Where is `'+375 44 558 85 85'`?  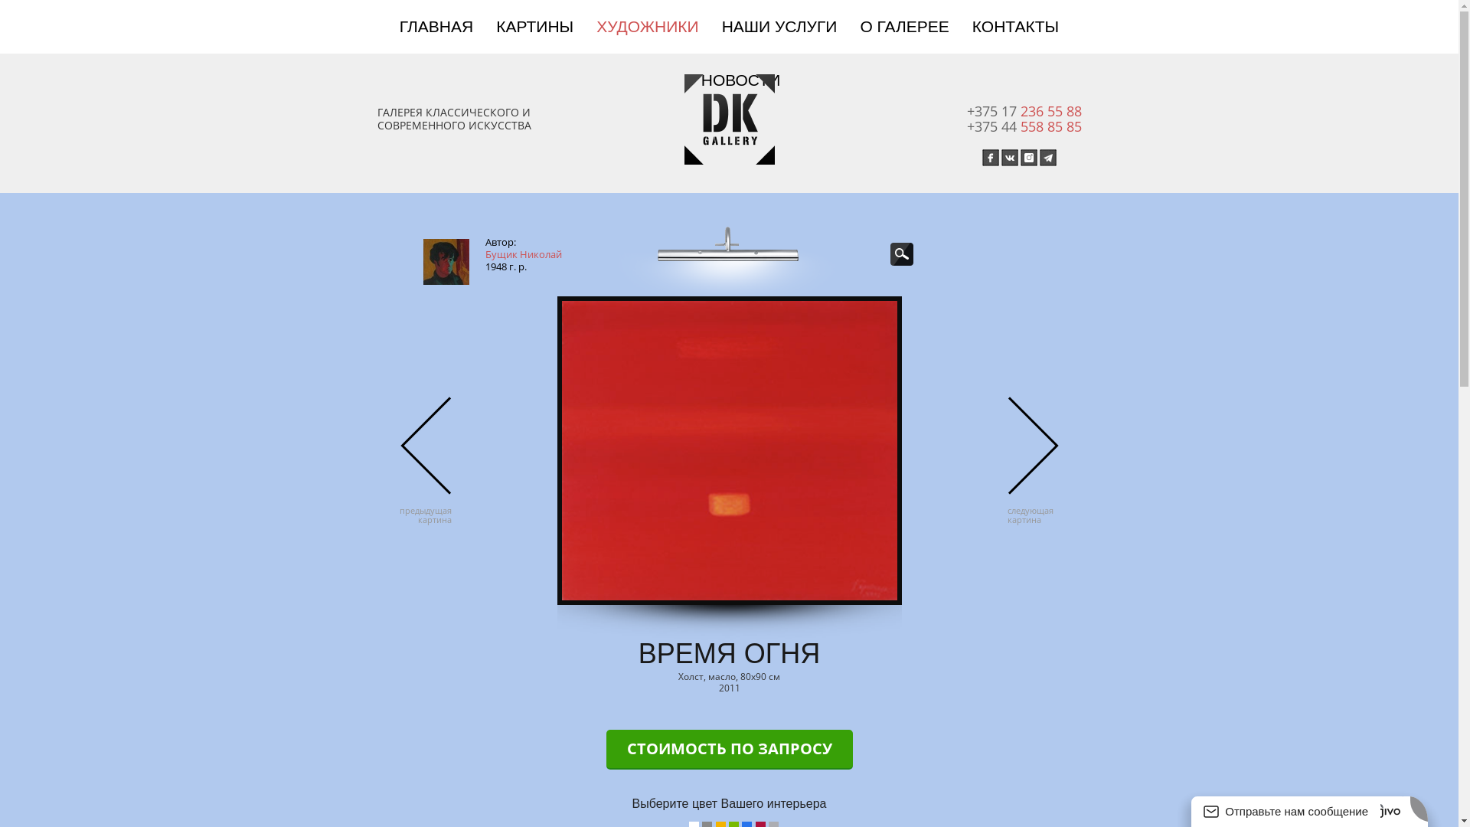 '+375 44 558 85 85' is located at coordinates (1024, 126).